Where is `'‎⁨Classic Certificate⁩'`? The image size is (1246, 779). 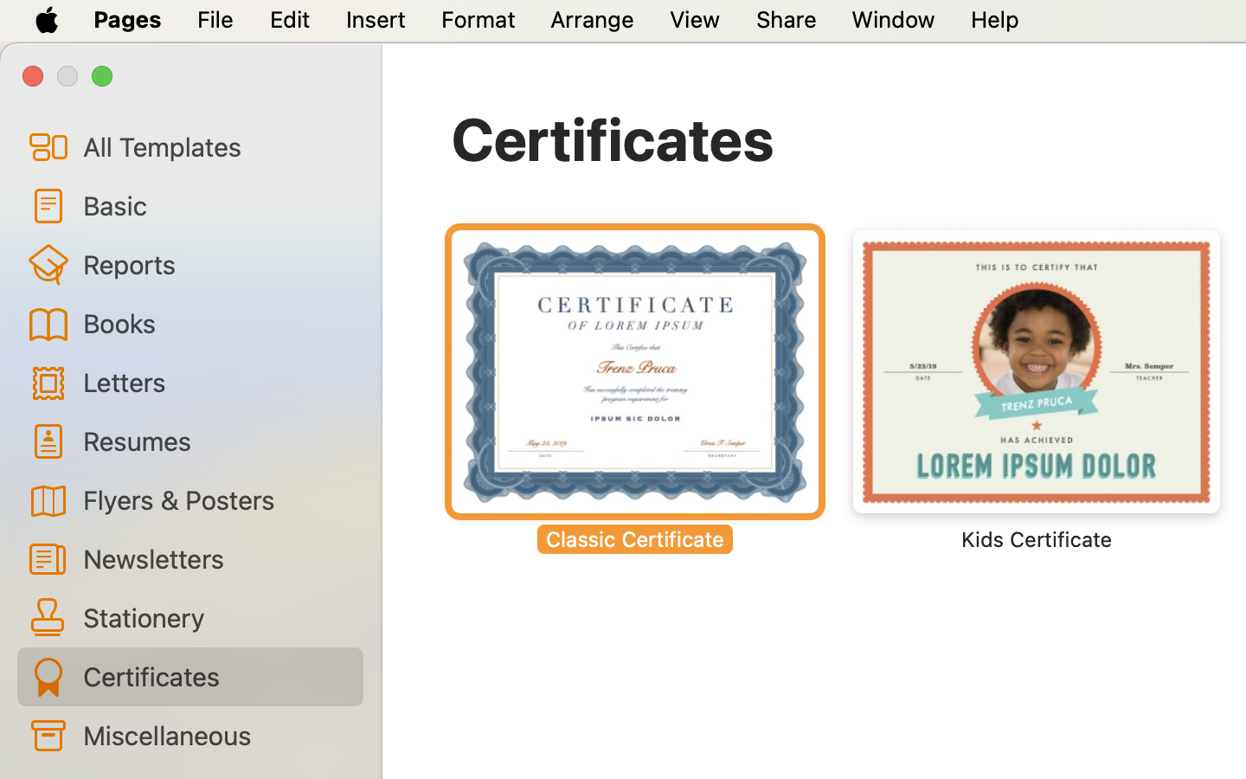
'‎⁨Classic Certificate⁩' is located at coordinates (633, 389).